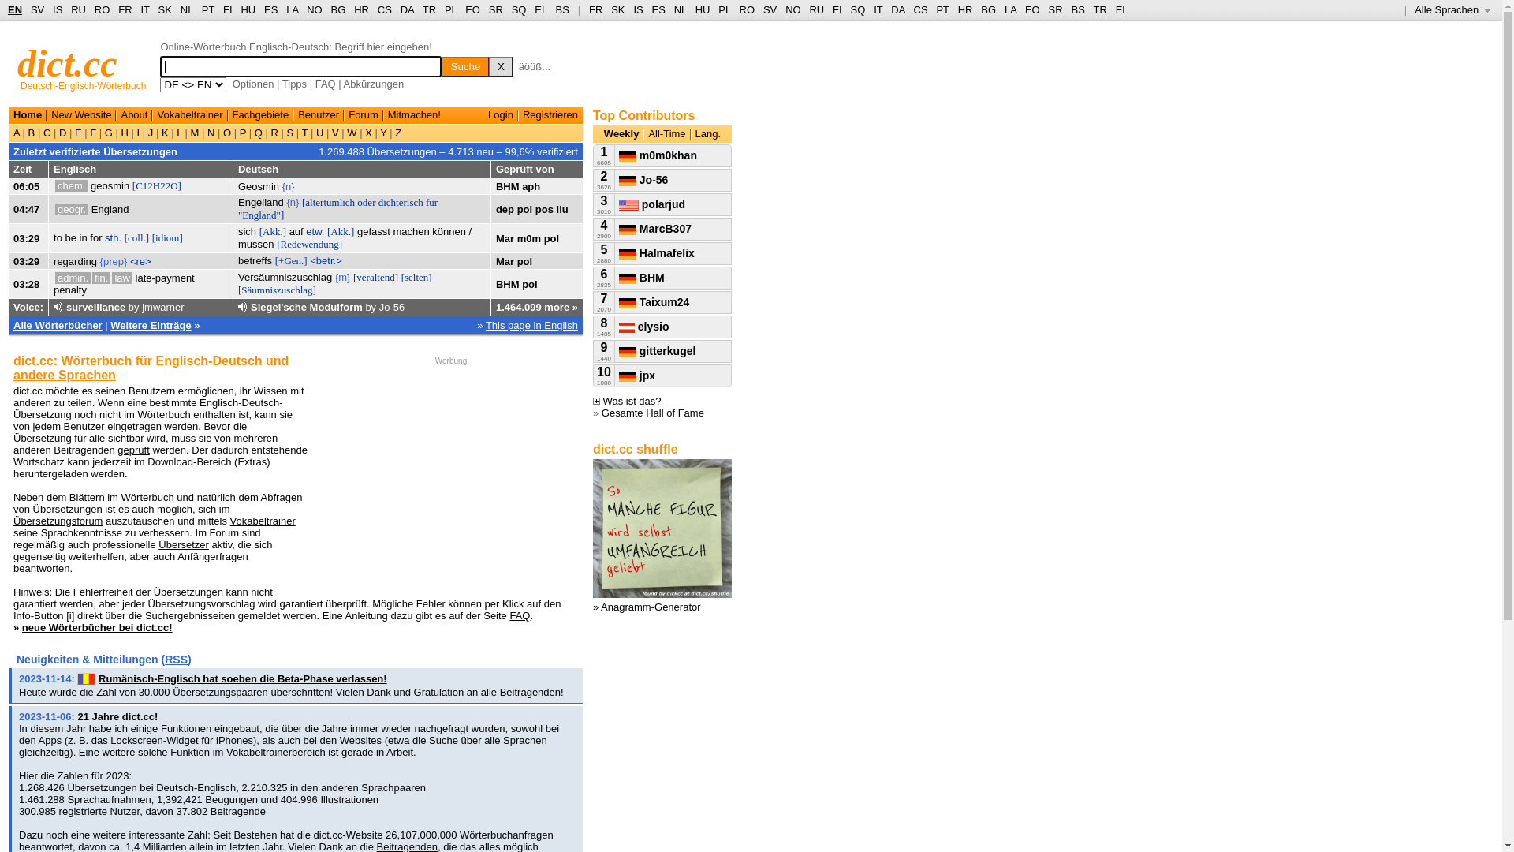  What do you see at coordinates (101, 9) in the screenshot?
I see `'RO'` at bounding box center [101, 9].